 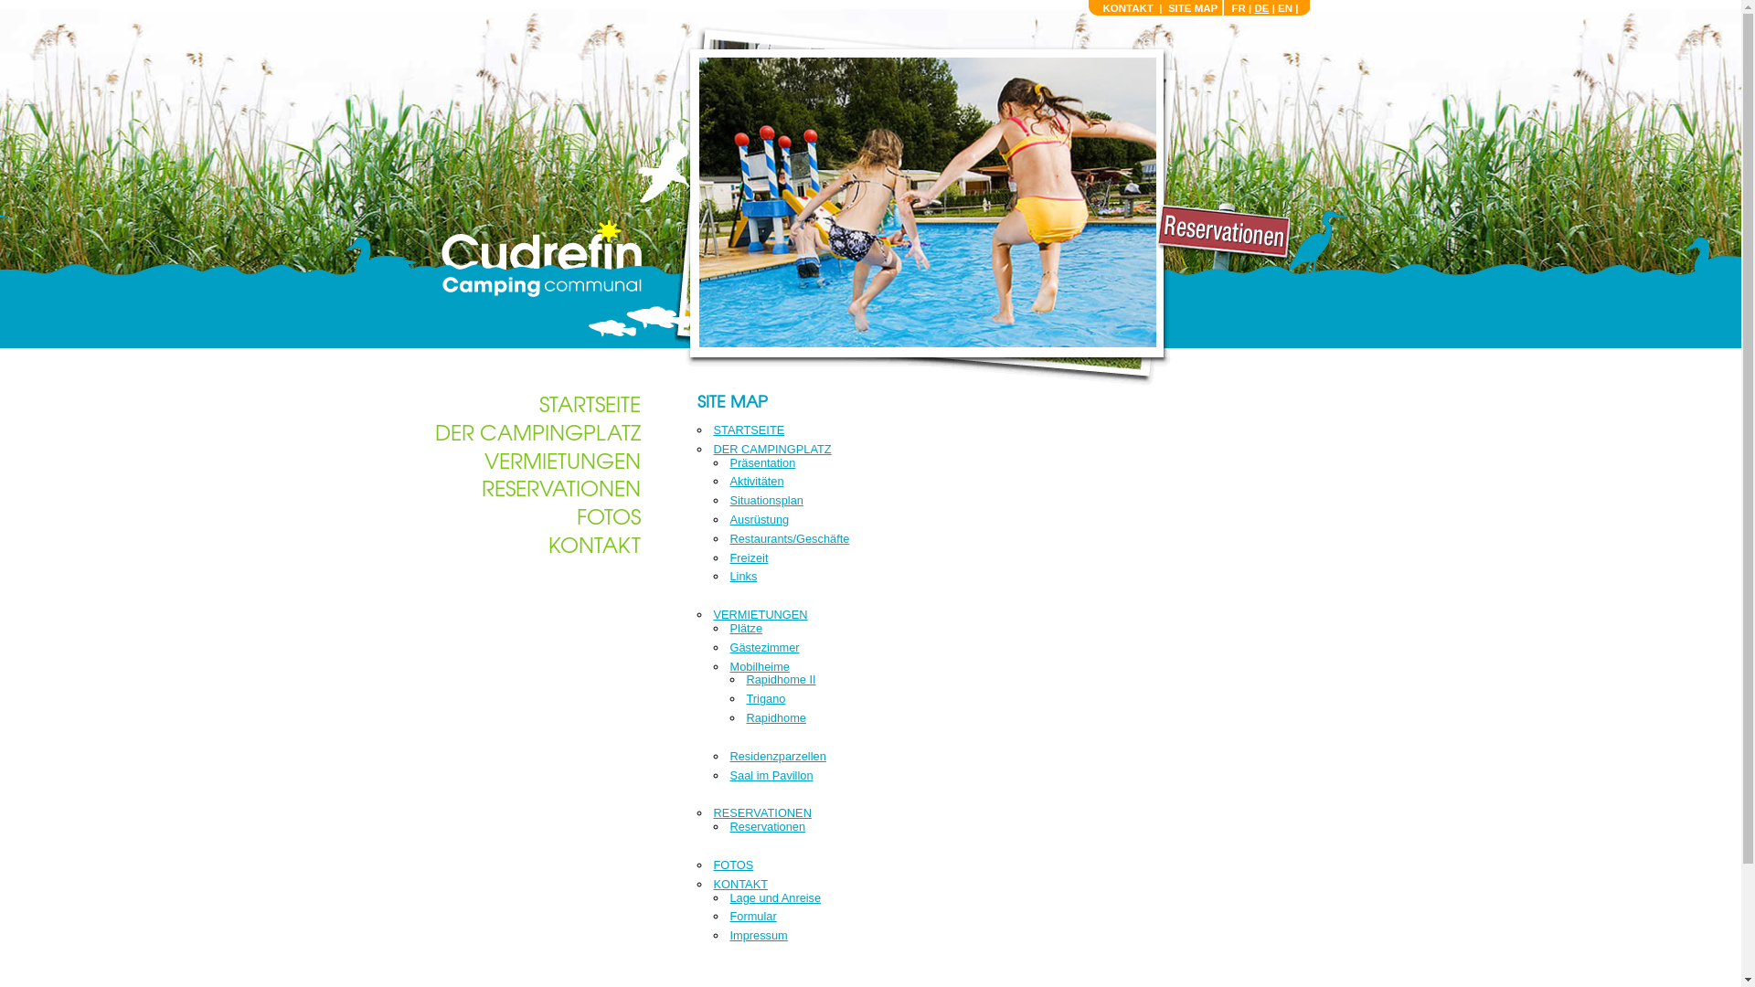 What do you see at coordinates (760, 614) in the screenshot?
I see `'VERMIETUNGEN'` at bounding box center [760, 614].